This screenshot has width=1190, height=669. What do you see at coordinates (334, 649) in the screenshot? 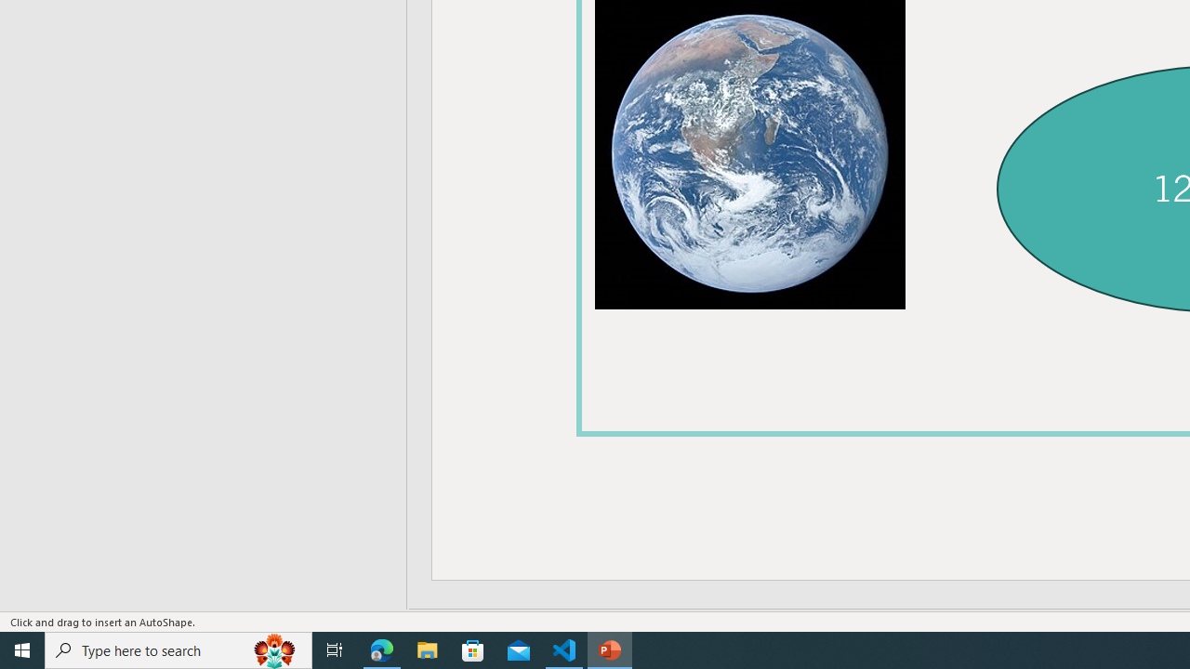
I see `'Task View'` at bounding box center [334, 649].